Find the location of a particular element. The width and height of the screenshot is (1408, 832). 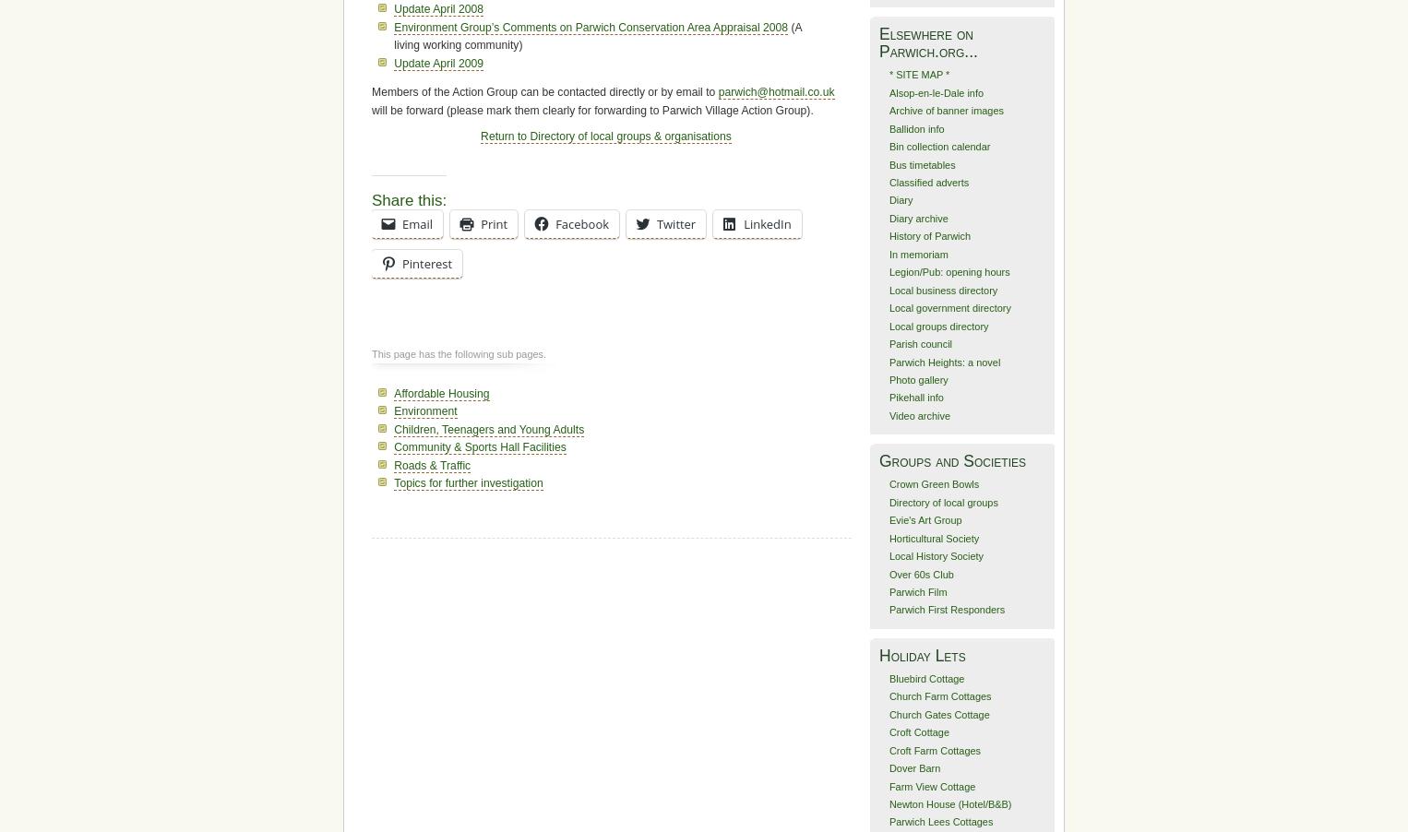

'Ballidon info' is located at coordinates (889, 127).